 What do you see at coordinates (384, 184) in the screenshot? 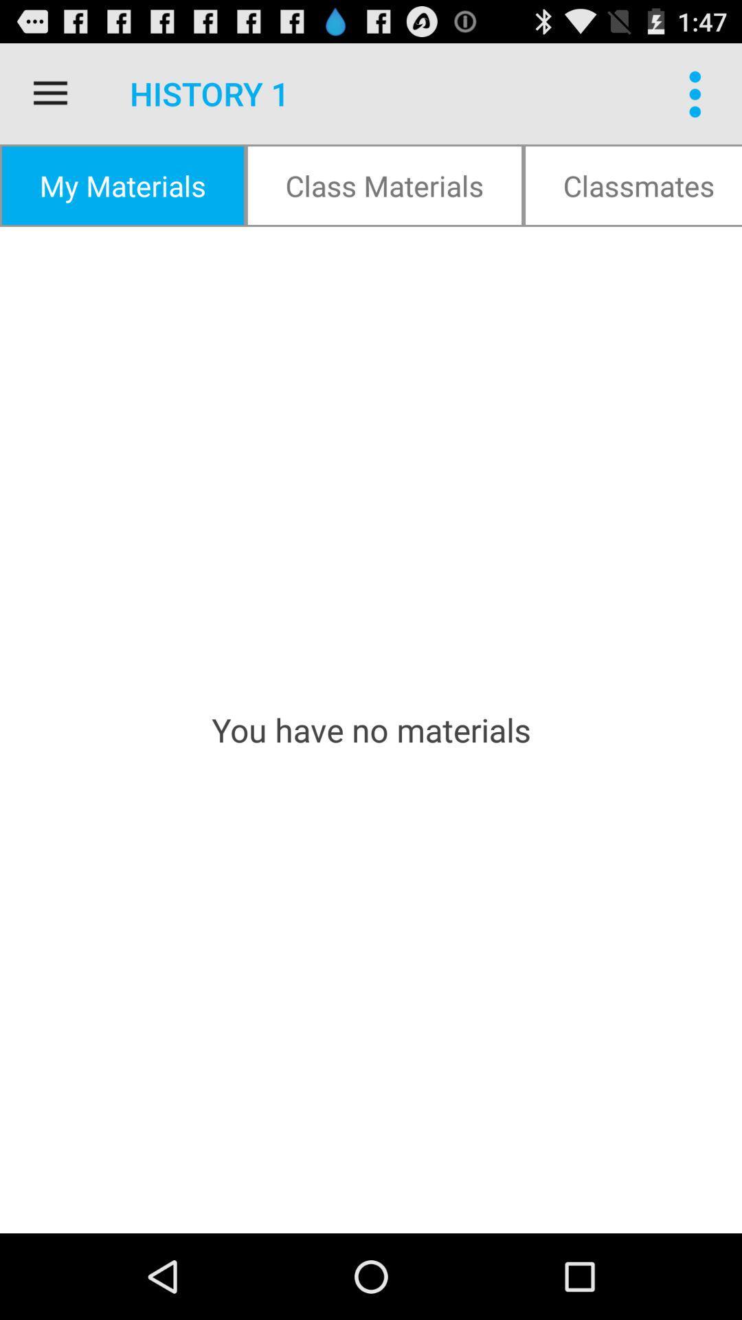
I see `icon above you have no icon` at bounding box center [384, 184].